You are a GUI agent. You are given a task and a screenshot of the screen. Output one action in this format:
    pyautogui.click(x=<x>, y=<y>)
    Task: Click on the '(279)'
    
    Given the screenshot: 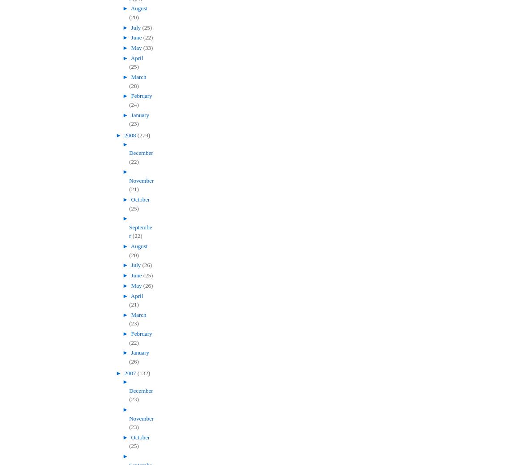 What is the action you would take?
    pyautogui.click(x=143, y=135)
    